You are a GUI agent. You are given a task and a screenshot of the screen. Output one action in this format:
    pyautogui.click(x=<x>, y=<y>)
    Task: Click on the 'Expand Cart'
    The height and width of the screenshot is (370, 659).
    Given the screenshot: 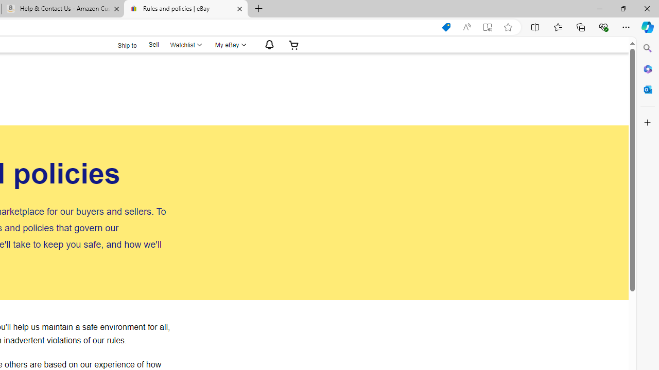 What is the action you would take?
    pyautogui.click(x=293, y=44)
    